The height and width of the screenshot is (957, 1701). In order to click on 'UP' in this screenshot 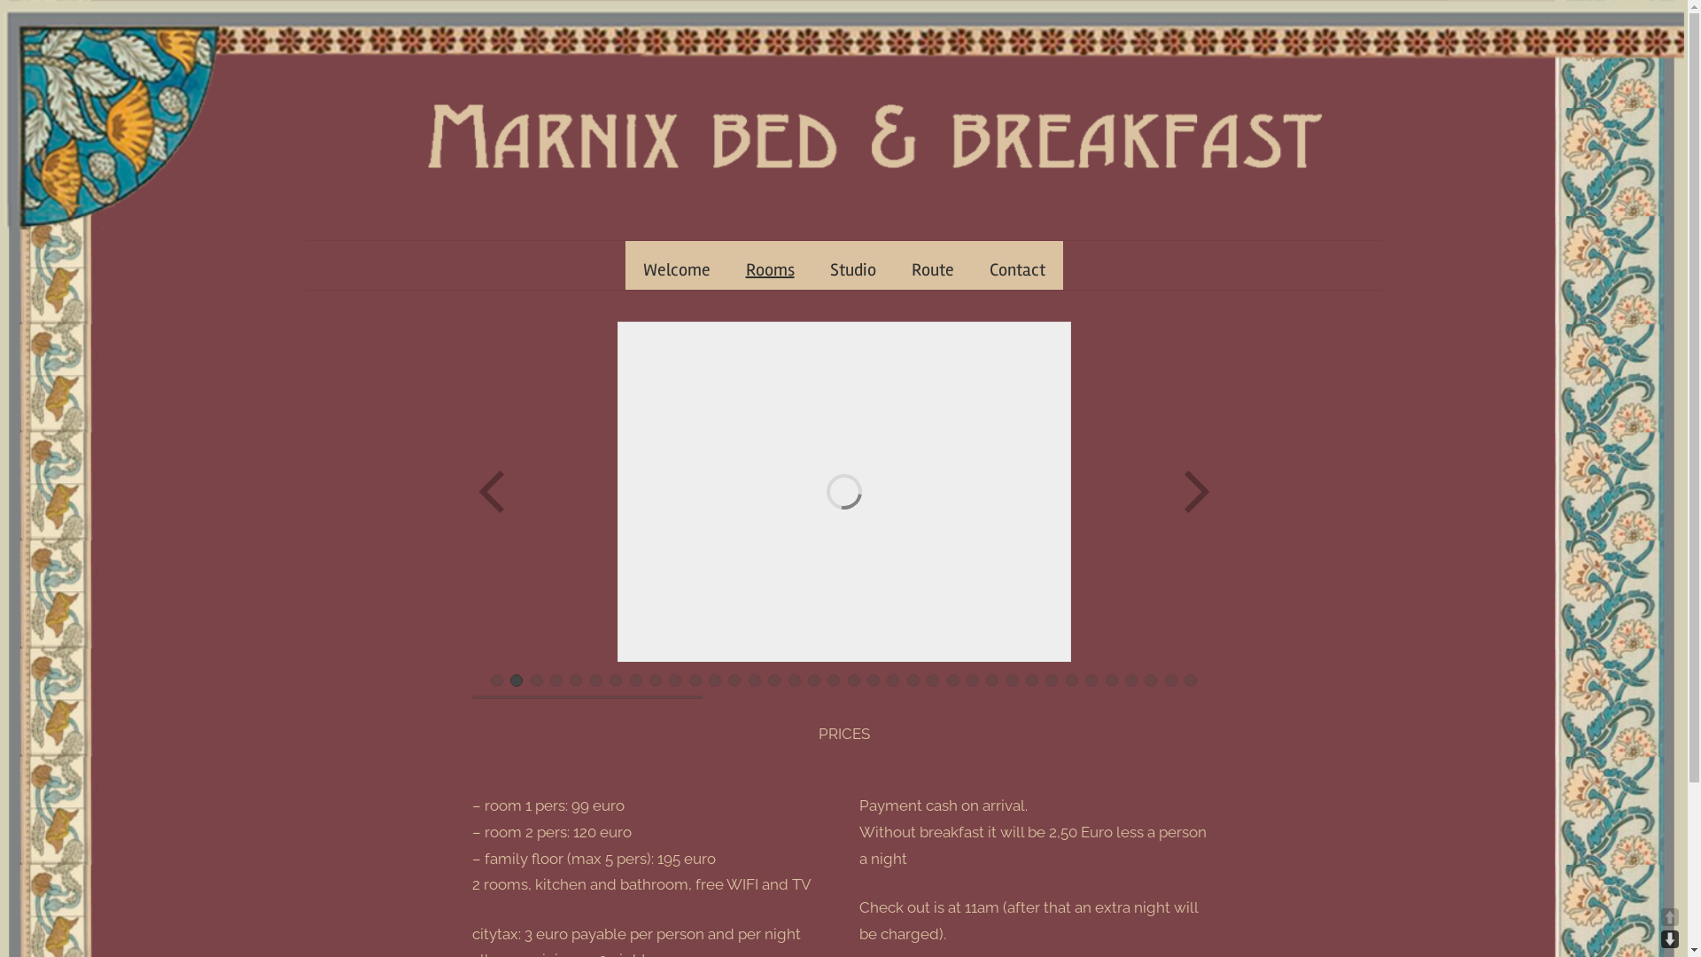, I will do `click(1669, 916)`.